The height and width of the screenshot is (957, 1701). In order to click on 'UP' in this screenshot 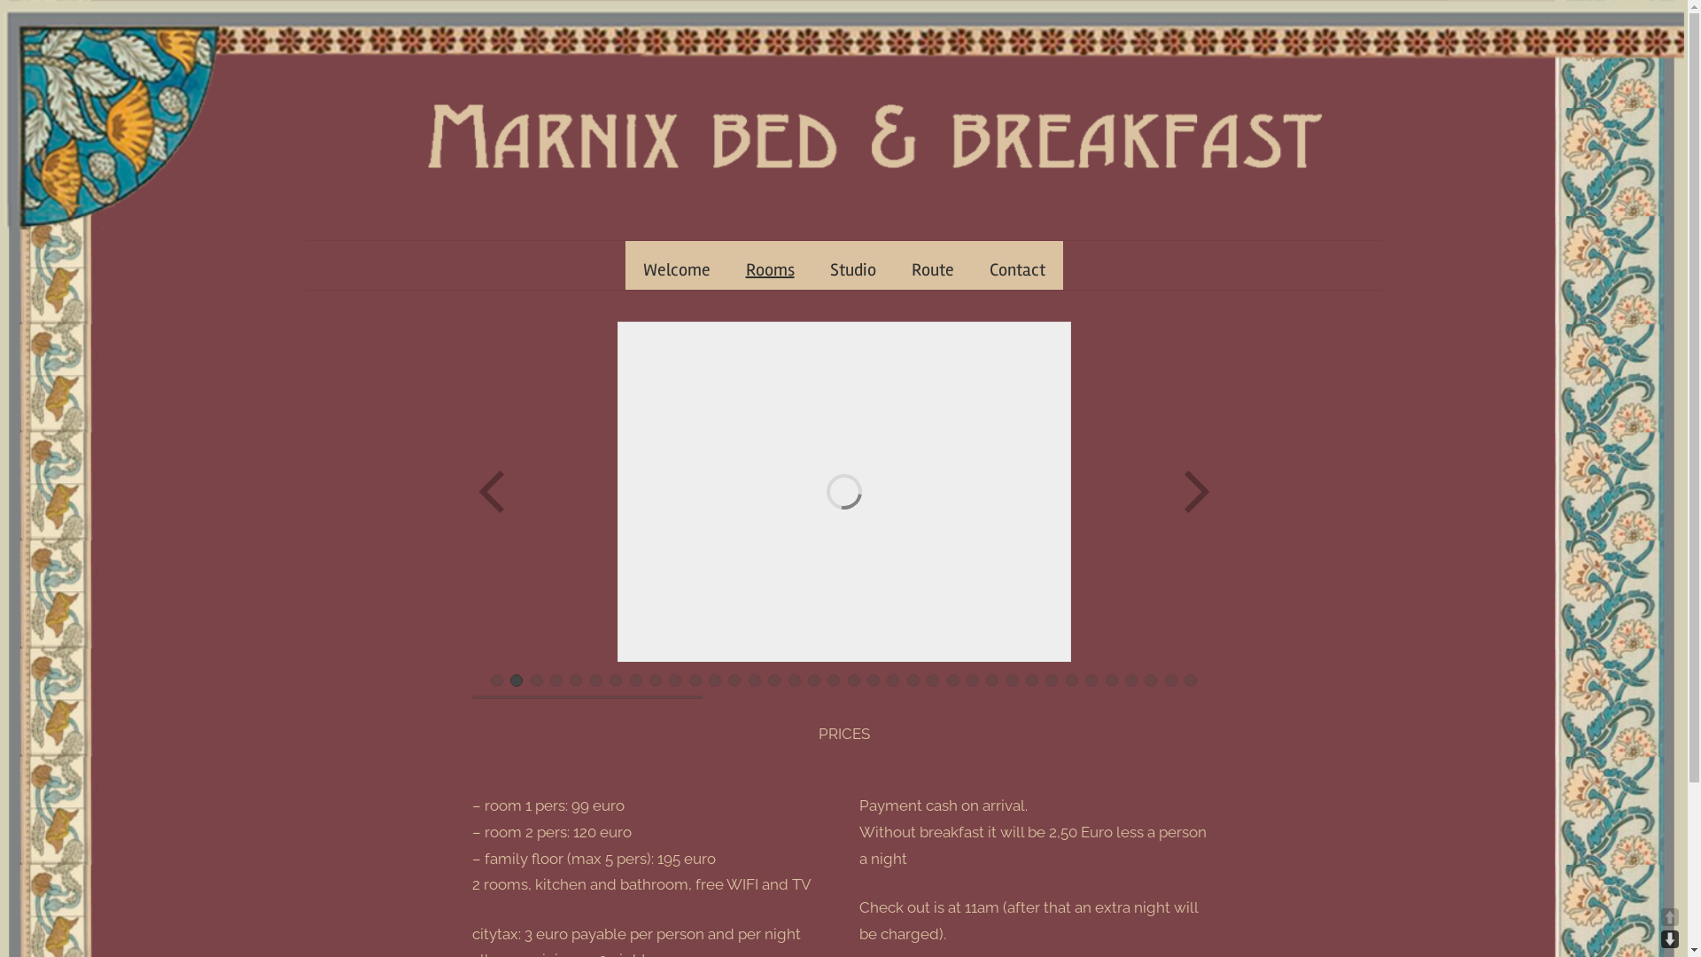, I will do `click(1669, 916)`.